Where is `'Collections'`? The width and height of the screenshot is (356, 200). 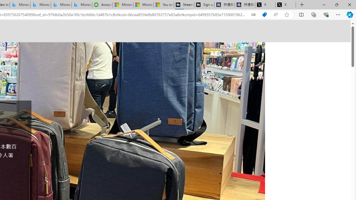 'Collections' is located at coordinates (314, 14).